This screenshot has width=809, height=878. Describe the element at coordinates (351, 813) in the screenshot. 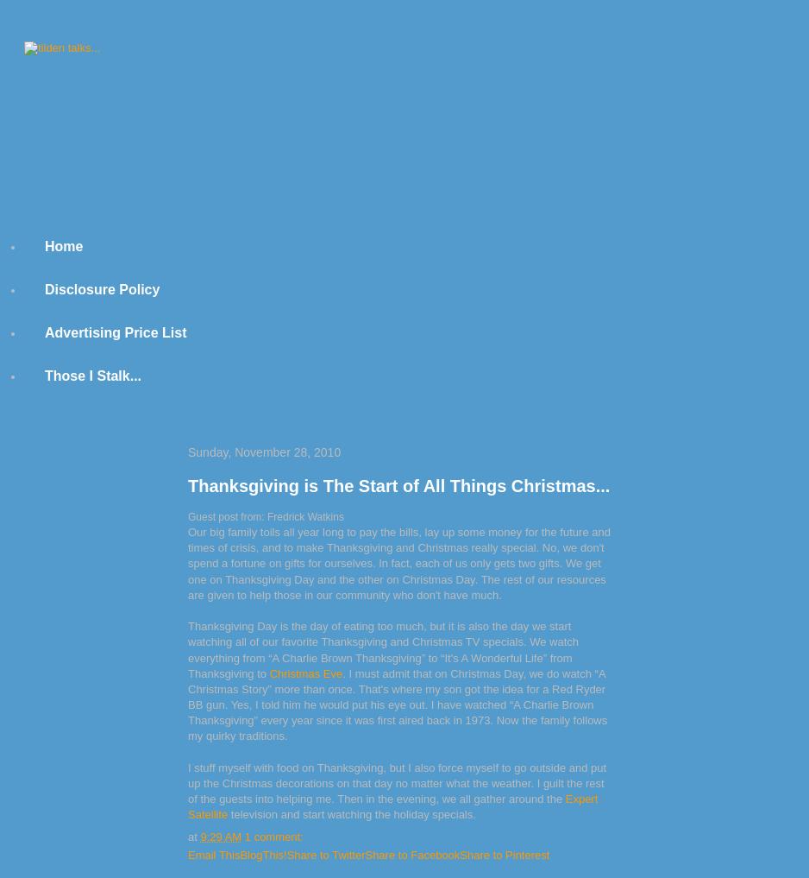

I see `'television and start watching the holiday specials.'` at that location.